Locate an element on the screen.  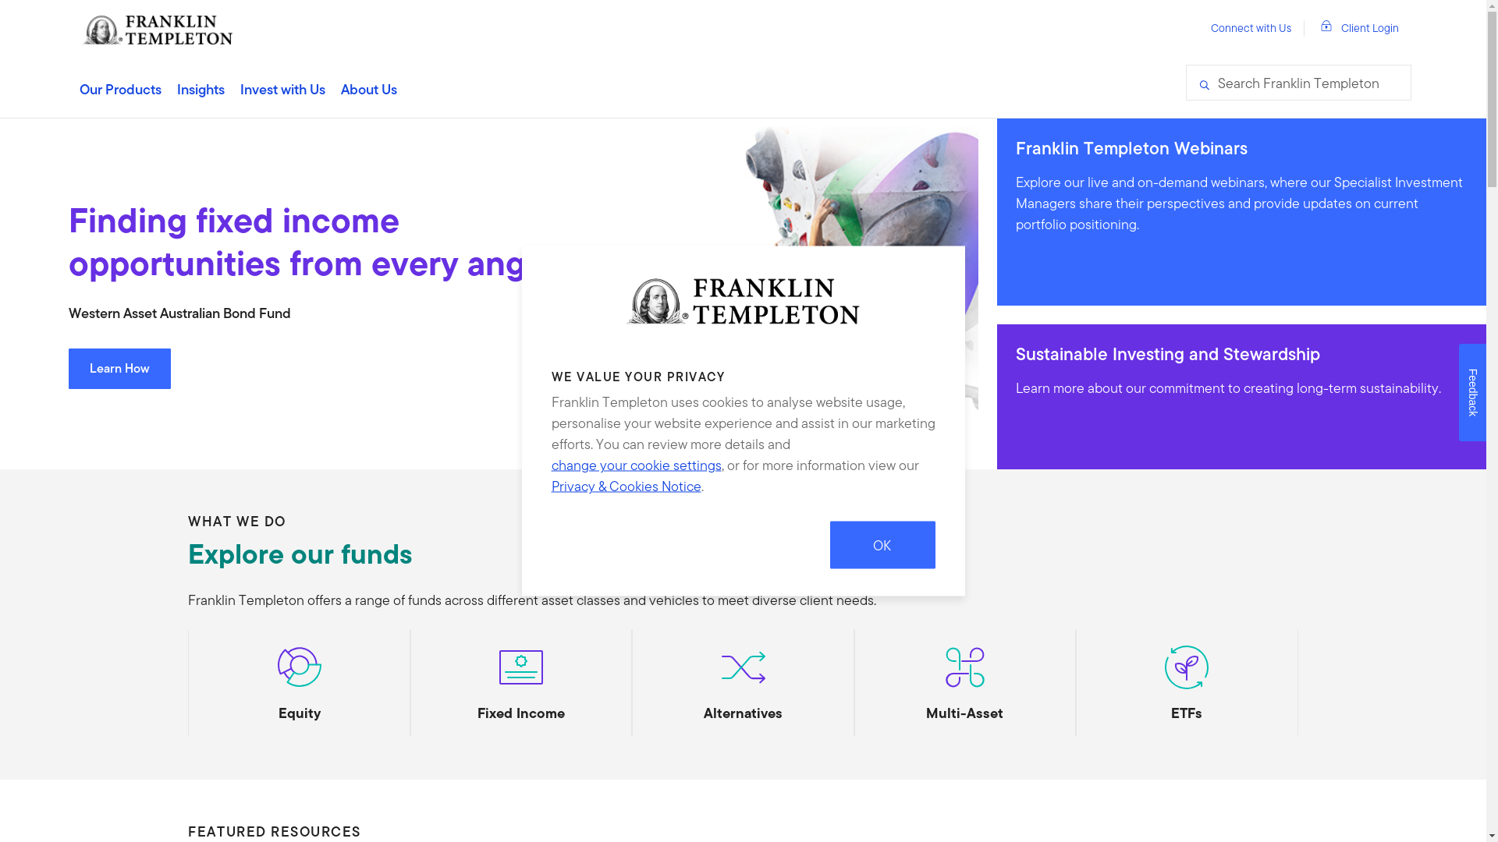
'Privacy & Cookies Notice' is located at coordinates (625, 485).